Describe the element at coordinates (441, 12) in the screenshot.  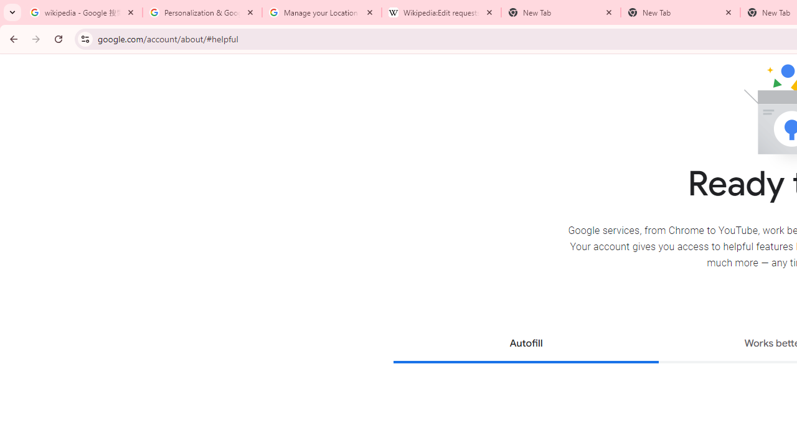
I see `'Wikipedia:Edit requests - Wikipedia'` at that location.